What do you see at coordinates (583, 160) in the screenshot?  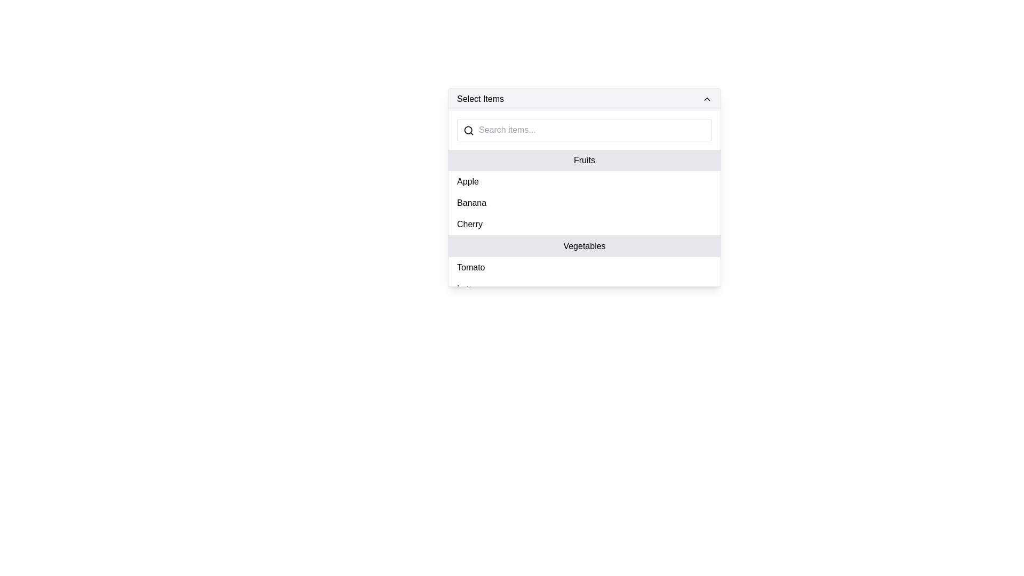 I see `the 'Fruits' category header, which visually groups the list items such as 'Apple', 'Banana', and 'Cherry', located beneath the search bar` at bounding box center [583, 160].